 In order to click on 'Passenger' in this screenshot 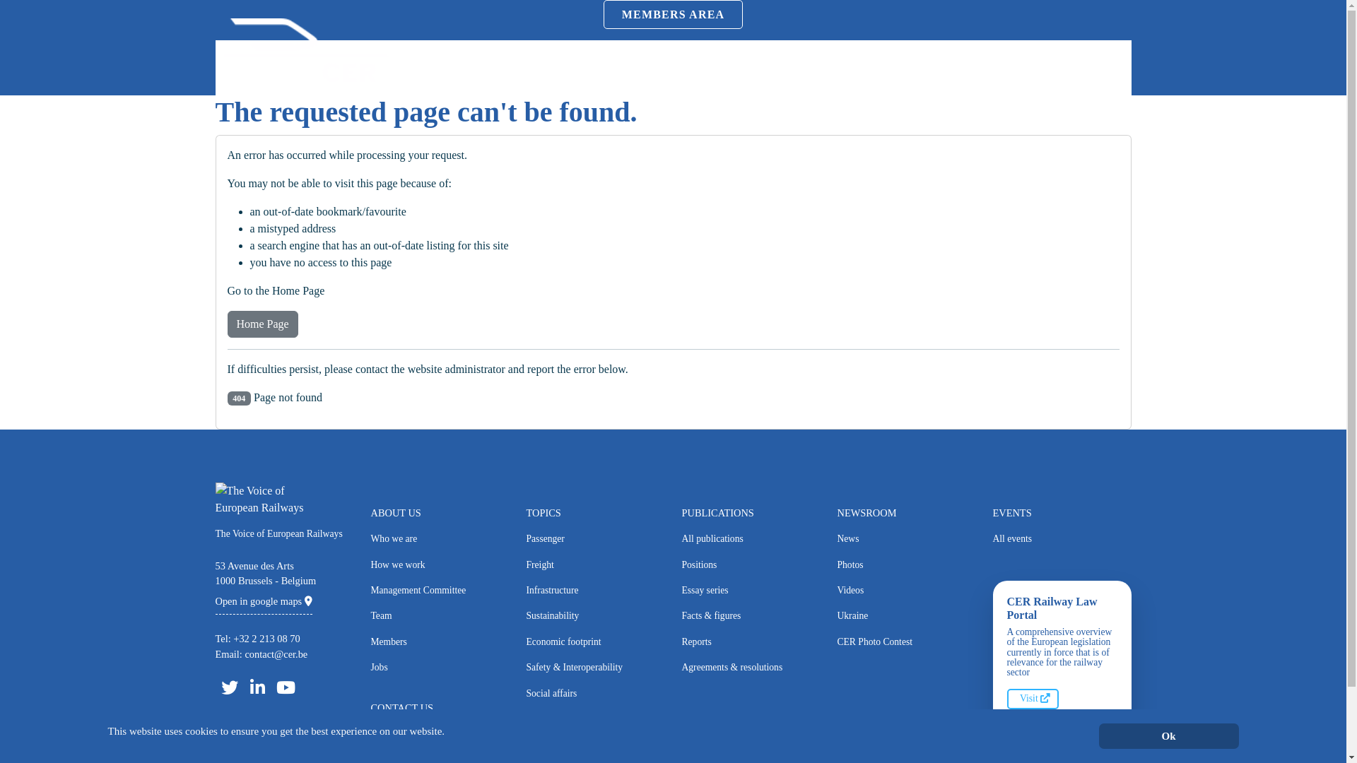, I will do `click(594, 539)`.